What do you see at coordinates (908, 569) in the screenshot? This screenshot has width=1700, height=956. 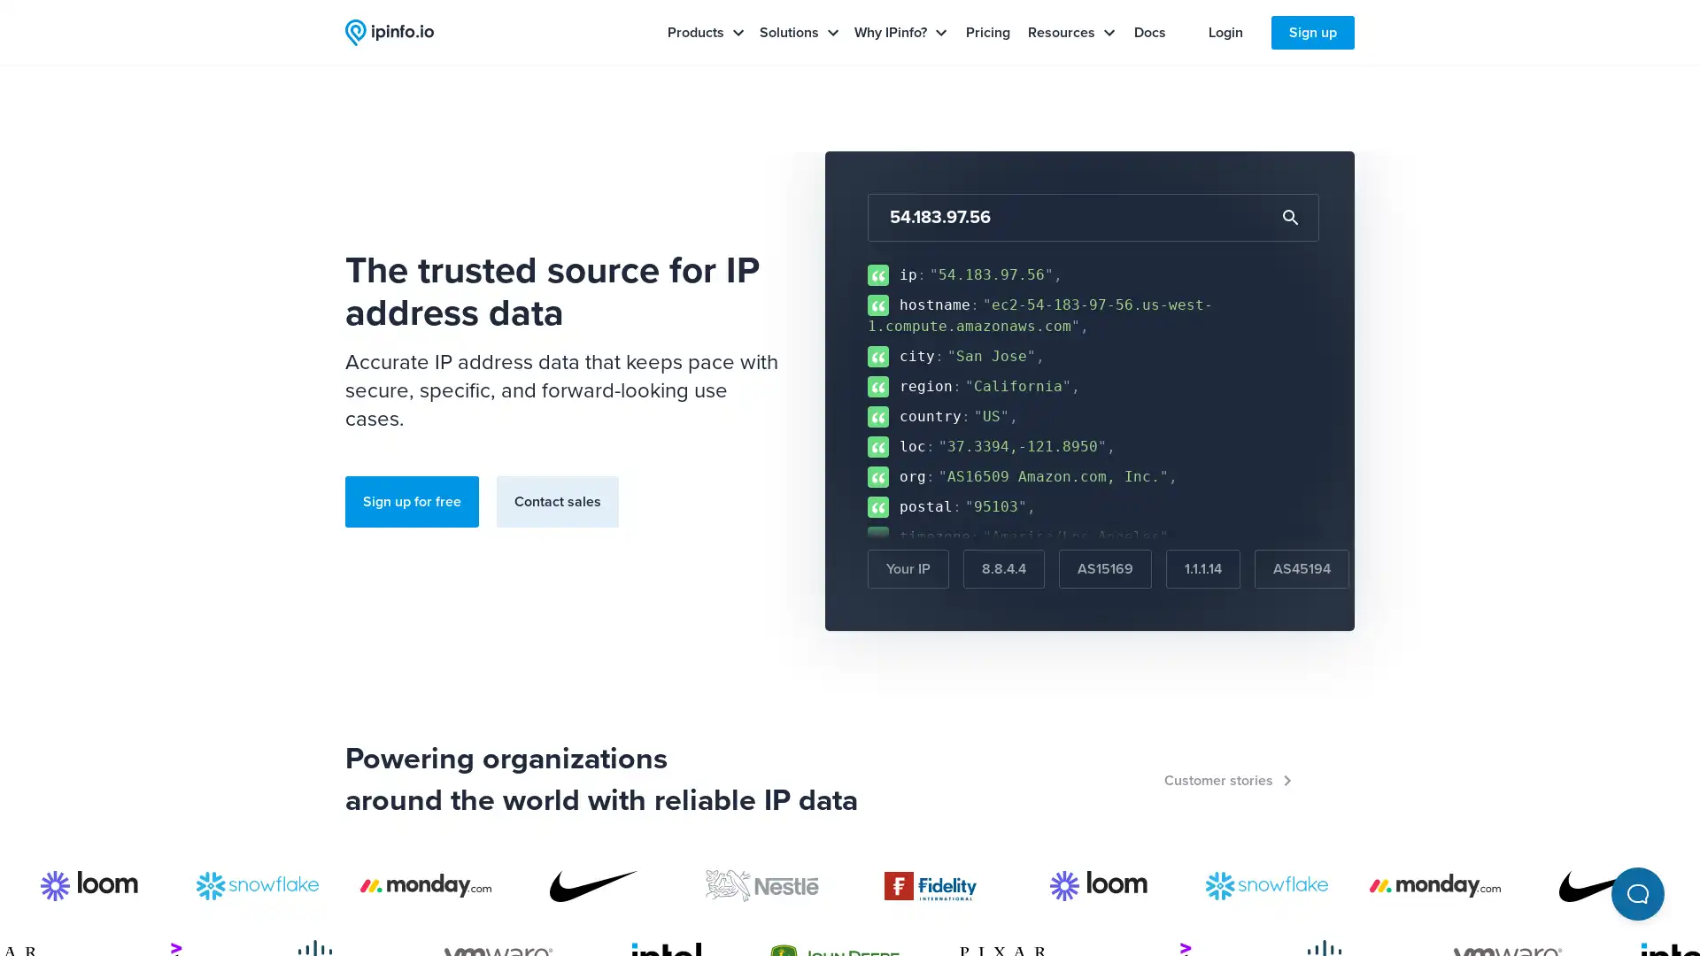 I see `Your IP` at bounding box center [908, 569].